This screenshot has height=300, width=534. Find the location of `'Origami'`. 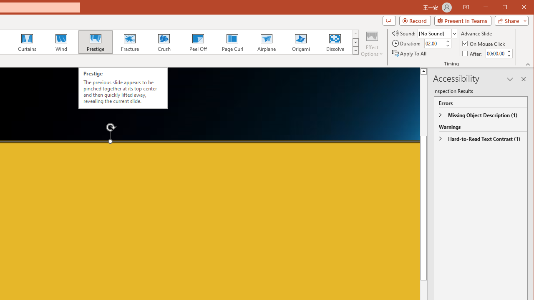

'Origami' is located at coordinates (300, 42).